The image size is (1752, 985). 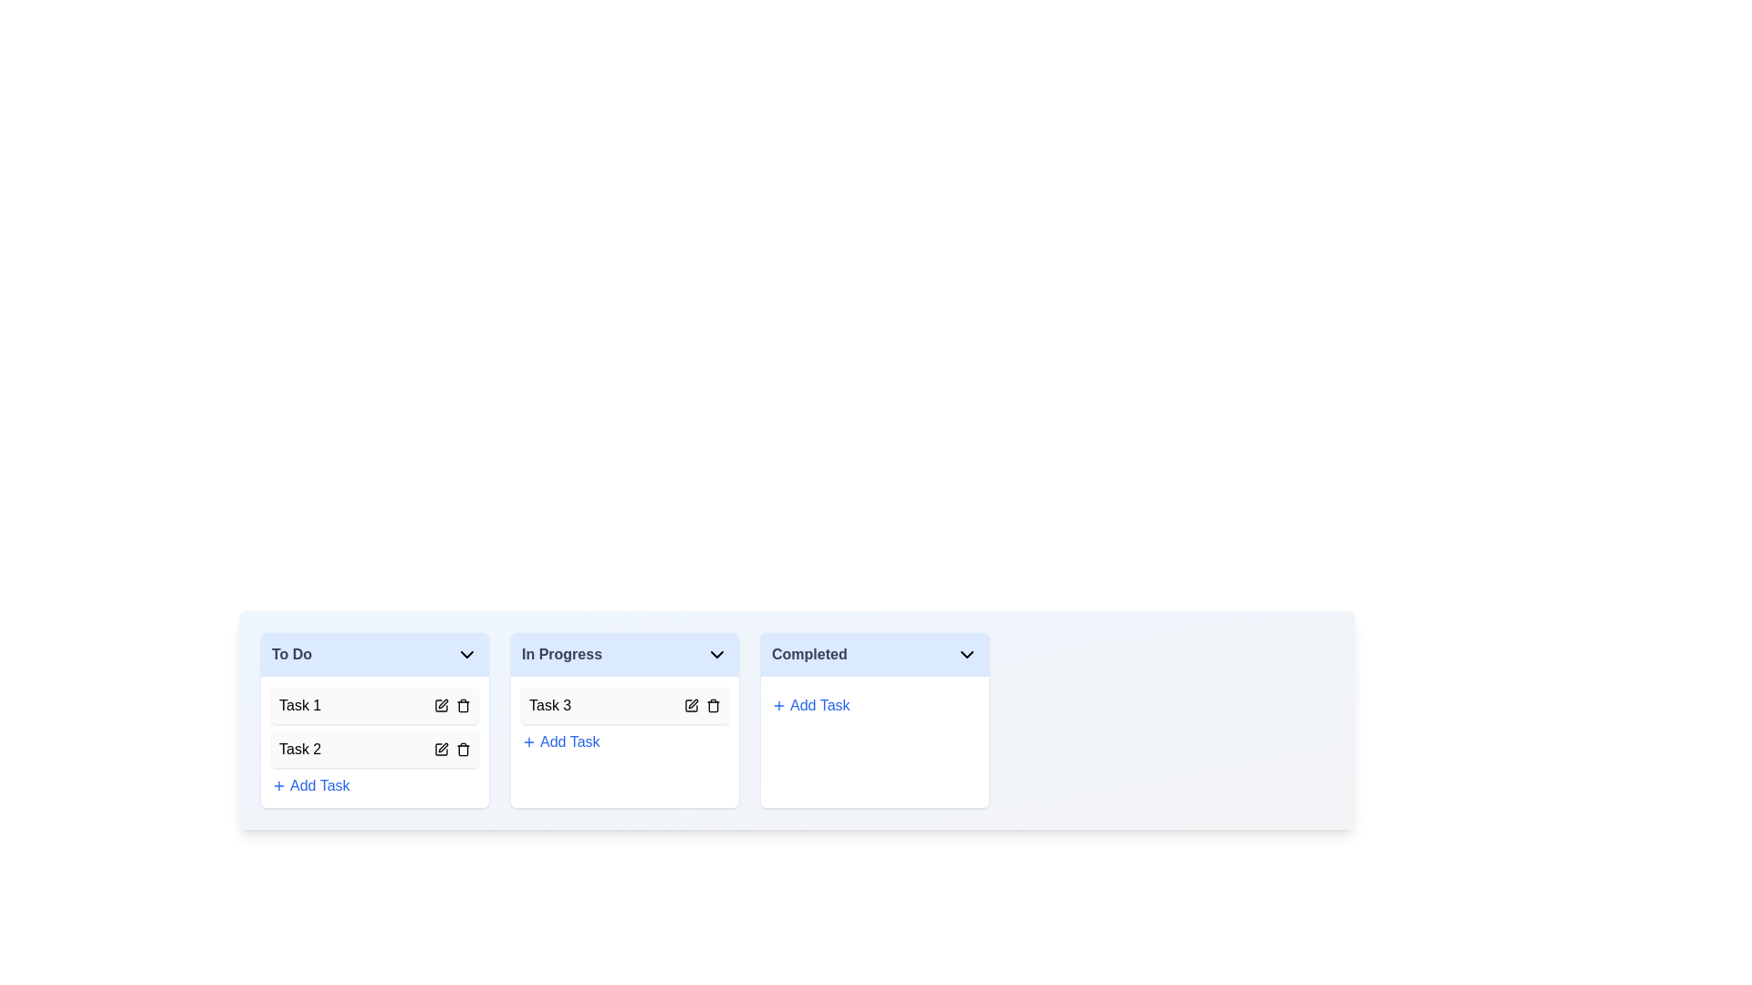 What do you see at coordinates (310, 784) in the screenshot?
I see `the 'Add Task' button for To Do board` at bounding box center [310, 784].